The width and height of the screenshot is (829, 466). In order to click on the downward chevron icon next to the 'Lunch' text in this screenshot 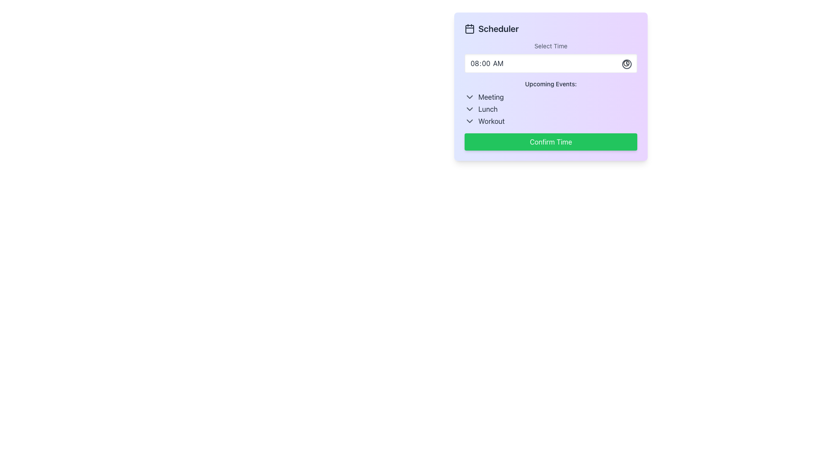, I will do `click(469, 109)`.